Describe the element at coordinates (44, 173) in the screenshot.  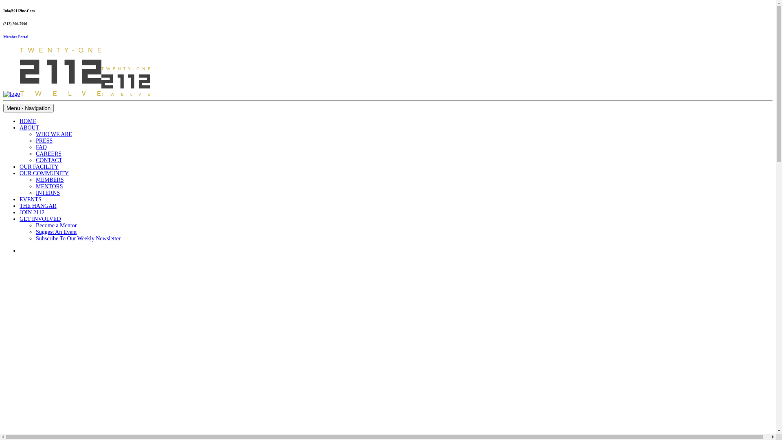
I see `'OUR COMMUNITY'` at that location.